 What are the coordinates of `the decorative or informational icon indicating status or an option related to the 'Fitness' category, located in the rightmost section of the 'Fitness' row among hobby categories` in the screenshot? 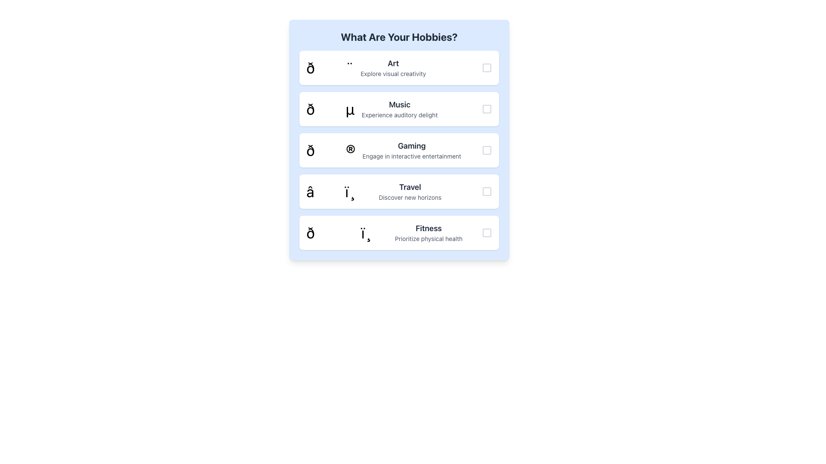 It's located at (487, 233).